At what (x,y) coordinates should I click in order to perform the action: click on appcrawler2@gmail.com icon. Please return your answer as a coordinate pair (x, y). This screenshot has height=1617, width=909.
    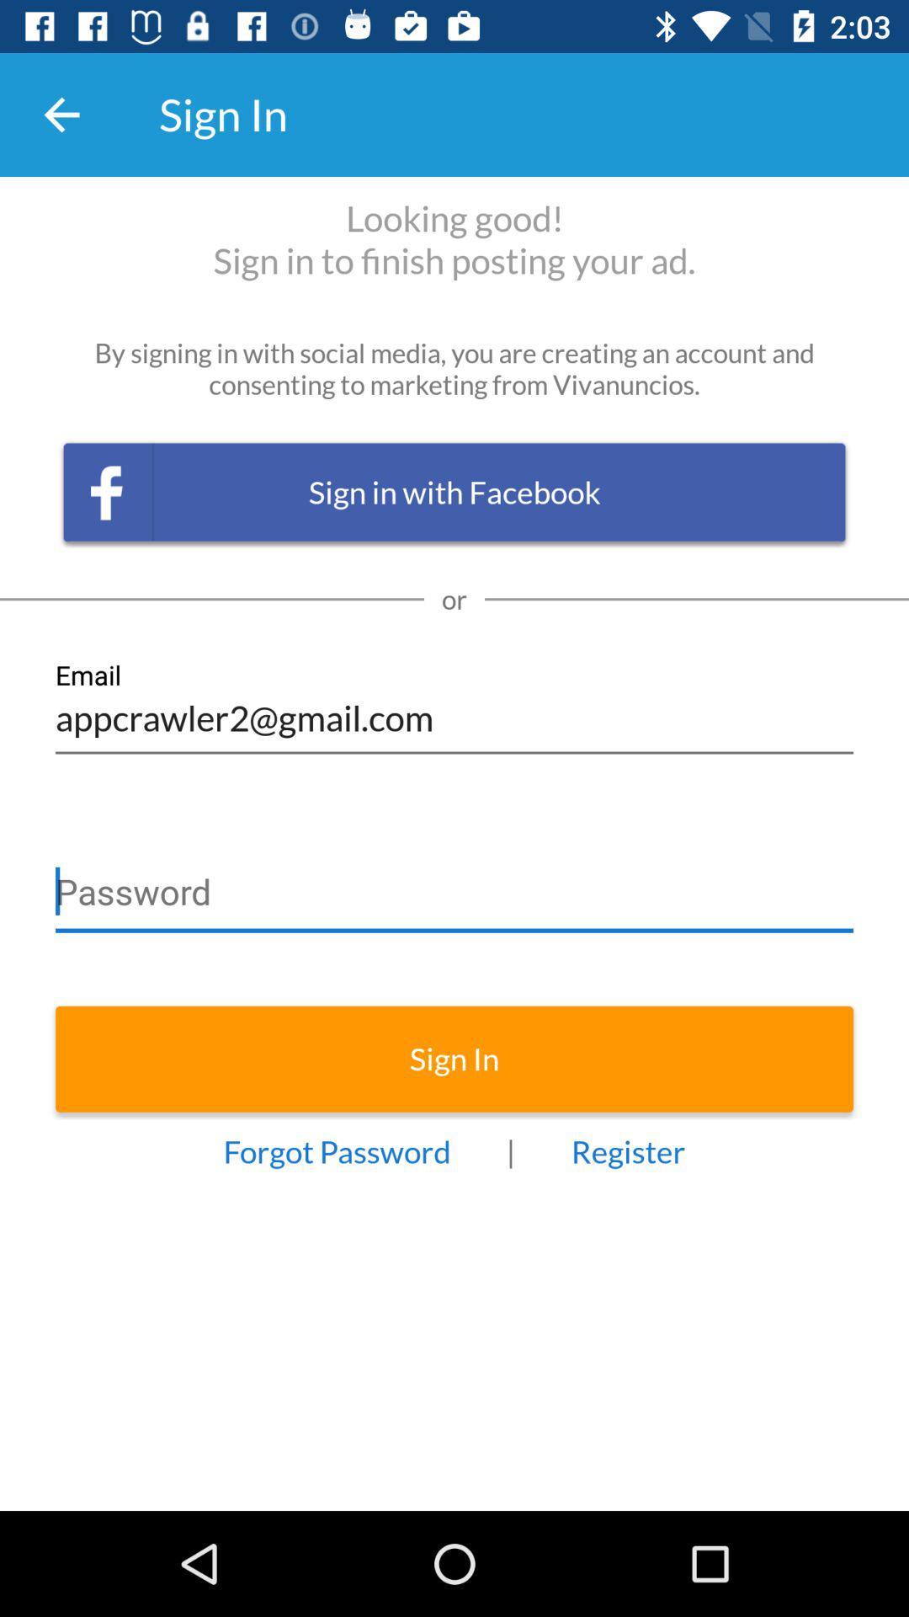
    Looking at the image, I should click on (454, 707).